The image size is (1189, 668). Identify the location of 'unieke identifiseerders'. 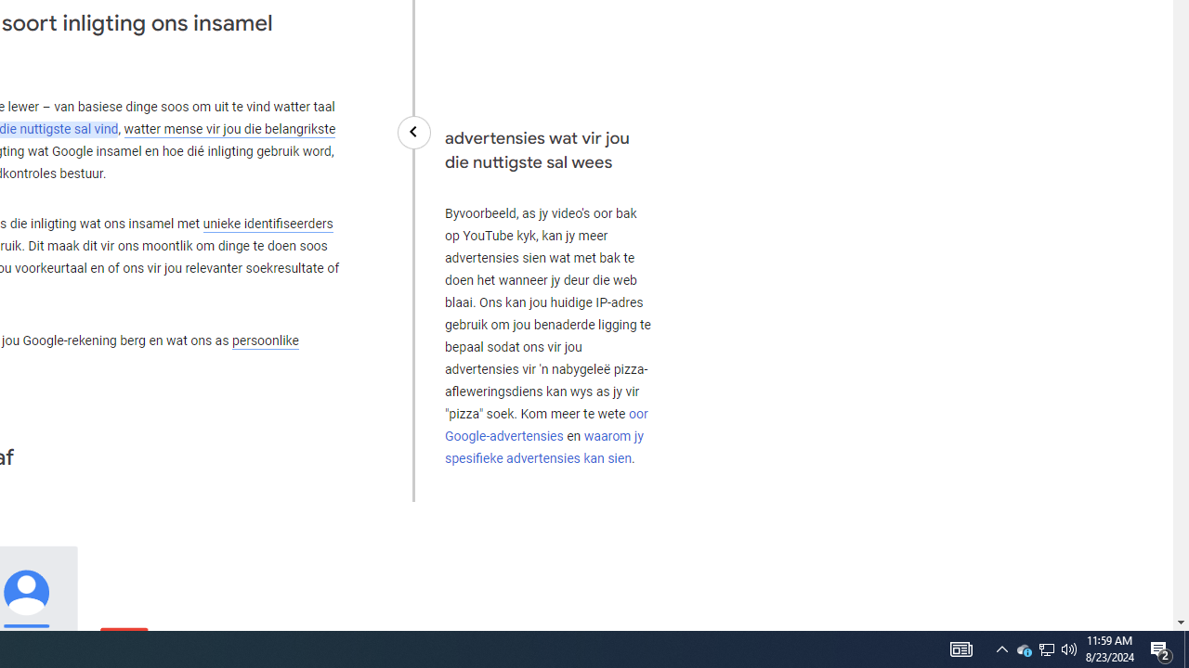
(267, 223).